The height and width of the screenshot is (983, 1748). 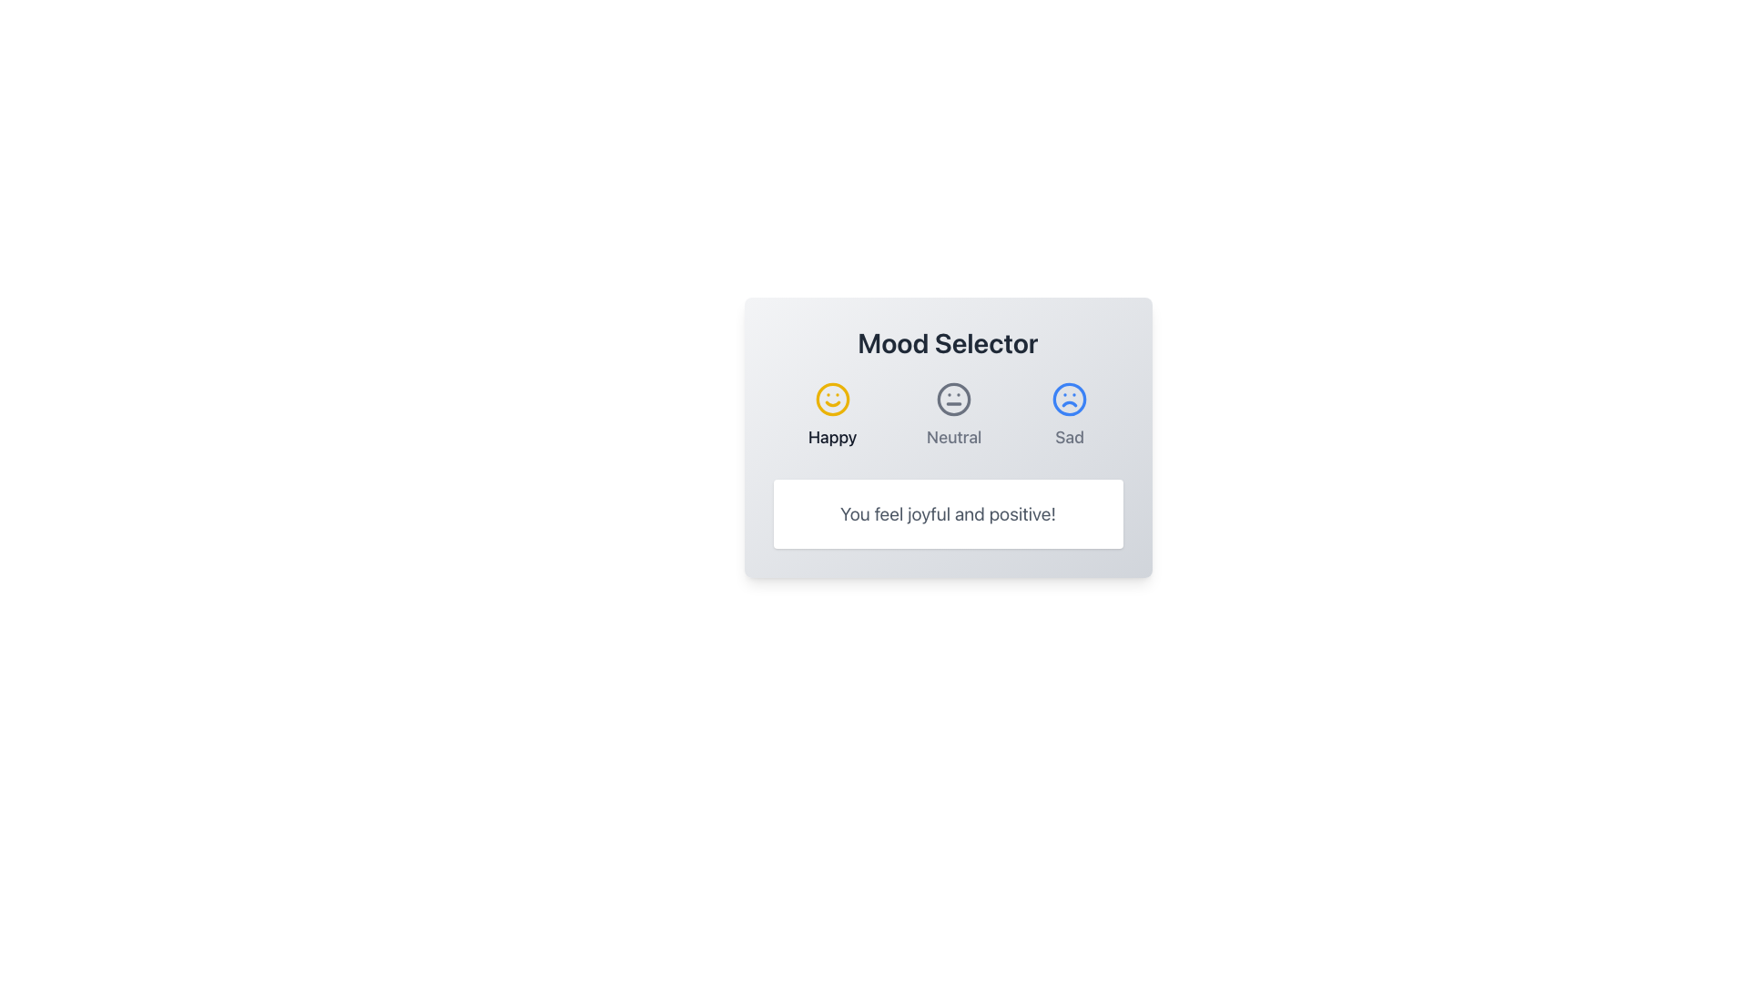 What do you see at coordinates (831, 438) in the screenshot?
I see `the text label reading 'Happy' that is styled with a medium font weight and large font size, positioned below the yellow smiling face icon in the mood selection interface` at bounding box center [831, 438].